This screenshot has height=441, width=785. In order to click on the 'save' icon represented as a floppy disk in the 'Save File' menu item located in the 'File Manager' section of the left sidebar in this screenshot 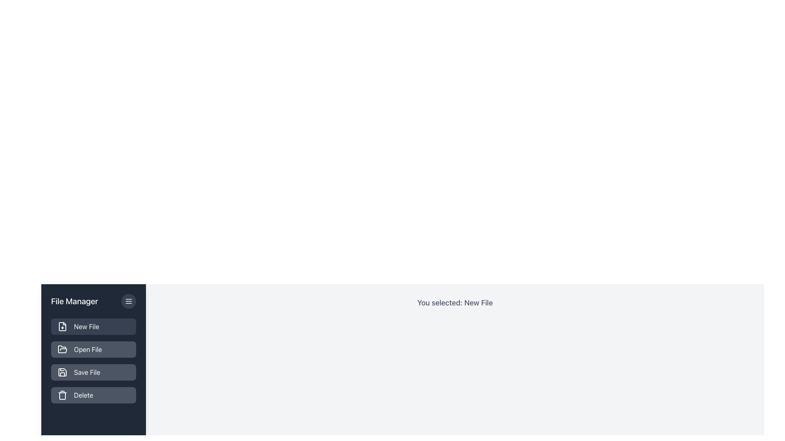, I will do `click(62, 372)`.